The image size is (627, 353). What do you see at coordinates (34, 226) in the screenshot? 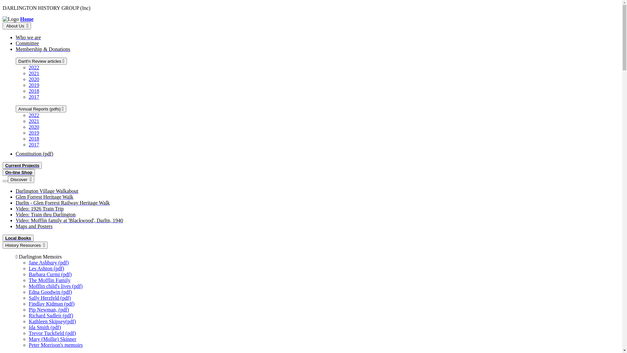
I see `'Maps and Posters'` at bounding box center [34, 226].